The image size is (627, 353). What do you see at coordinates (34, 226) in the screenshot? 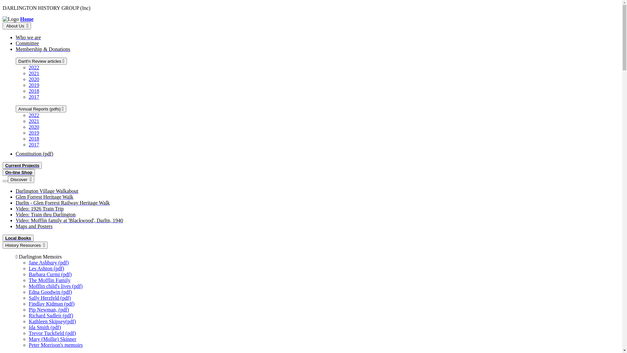
I see `'Maps and Posters'` at bounding box center [34, 226].